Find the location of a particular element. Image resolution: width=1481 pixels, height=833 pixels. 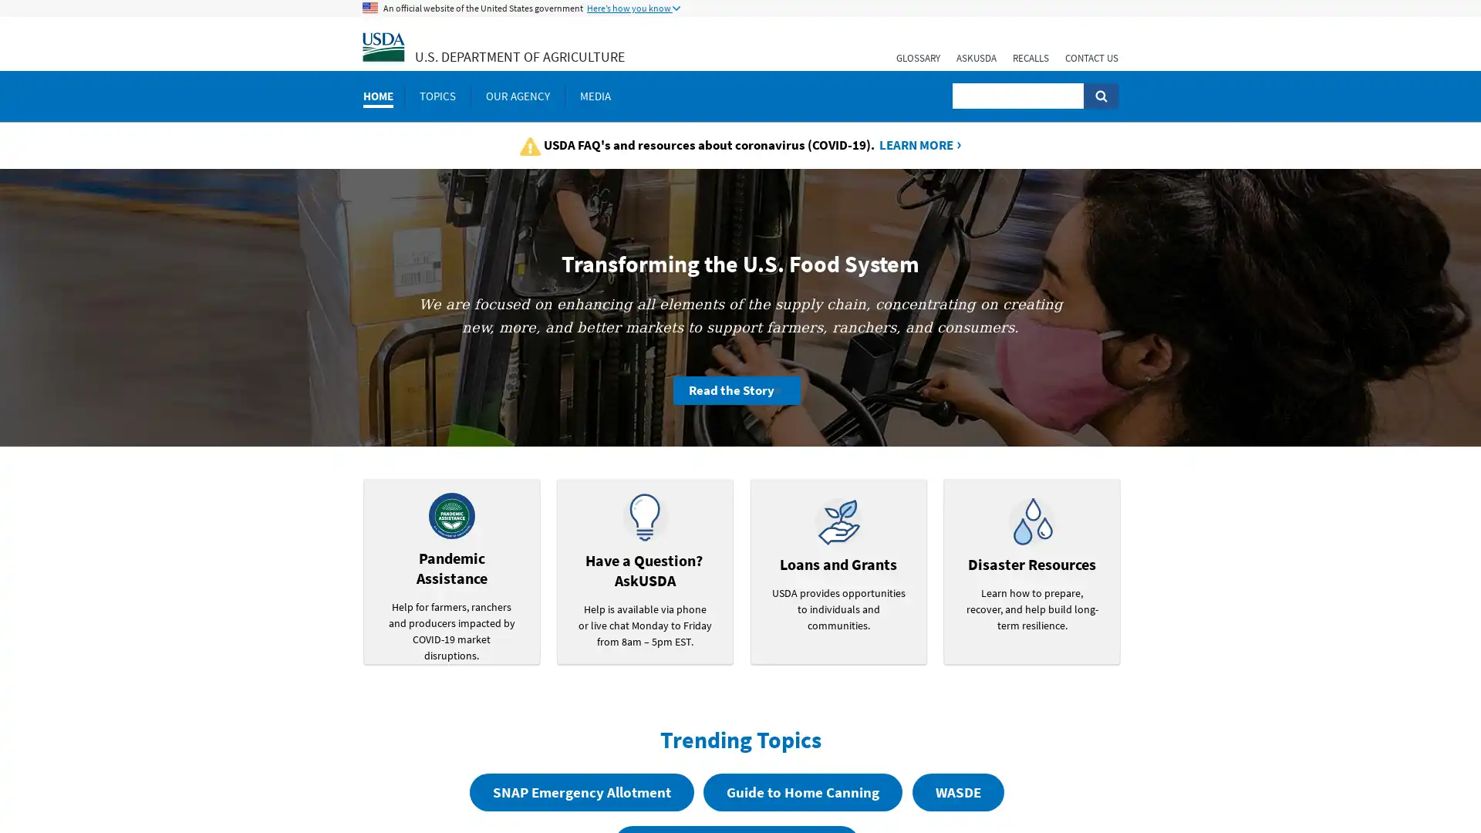

Heres how you know is located at coordinates (633, 8).